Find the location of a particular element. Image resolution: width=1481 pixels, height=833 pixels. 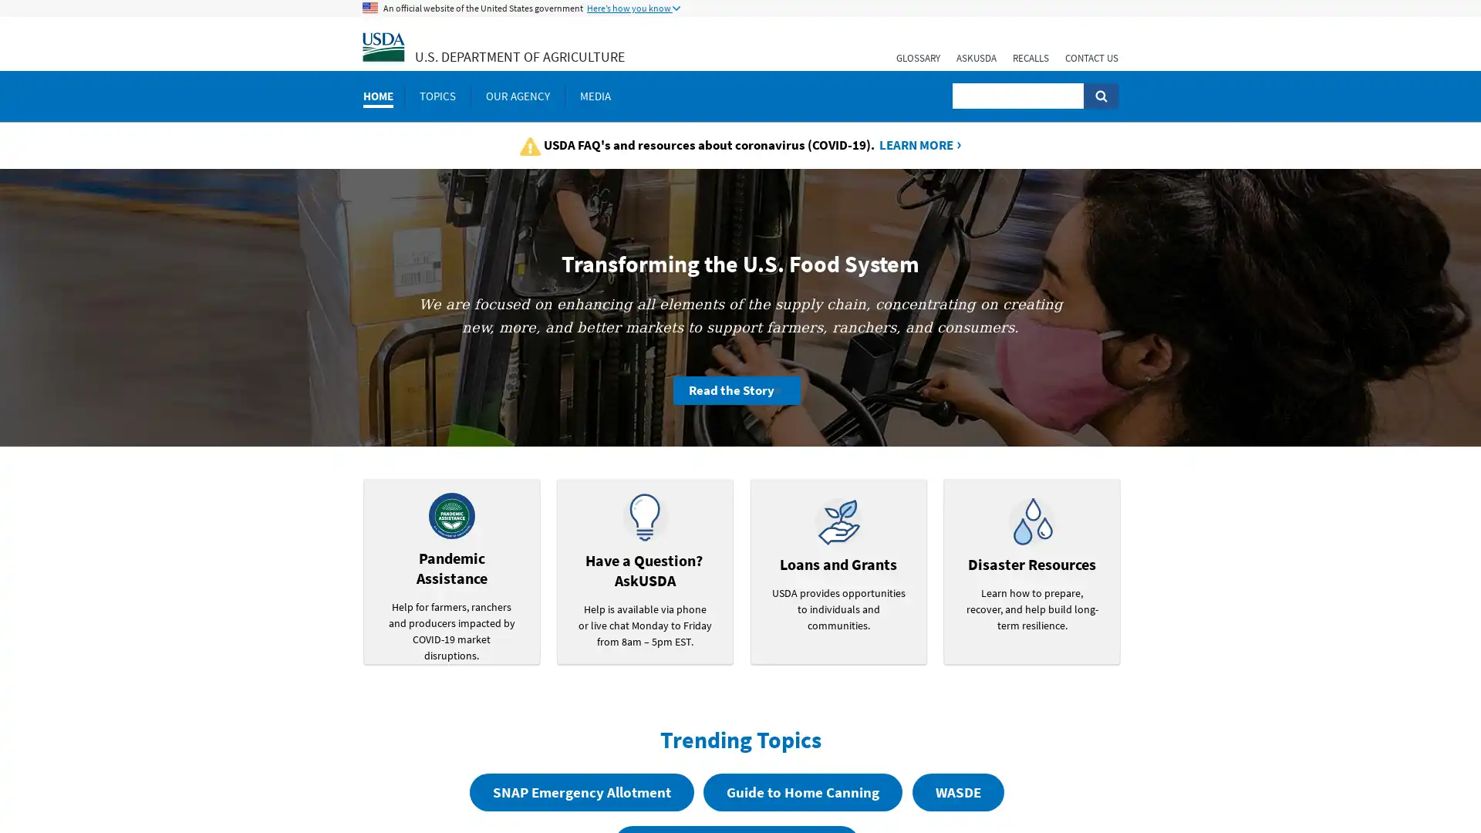

Heres how you know is located at coordinates (633, 8).